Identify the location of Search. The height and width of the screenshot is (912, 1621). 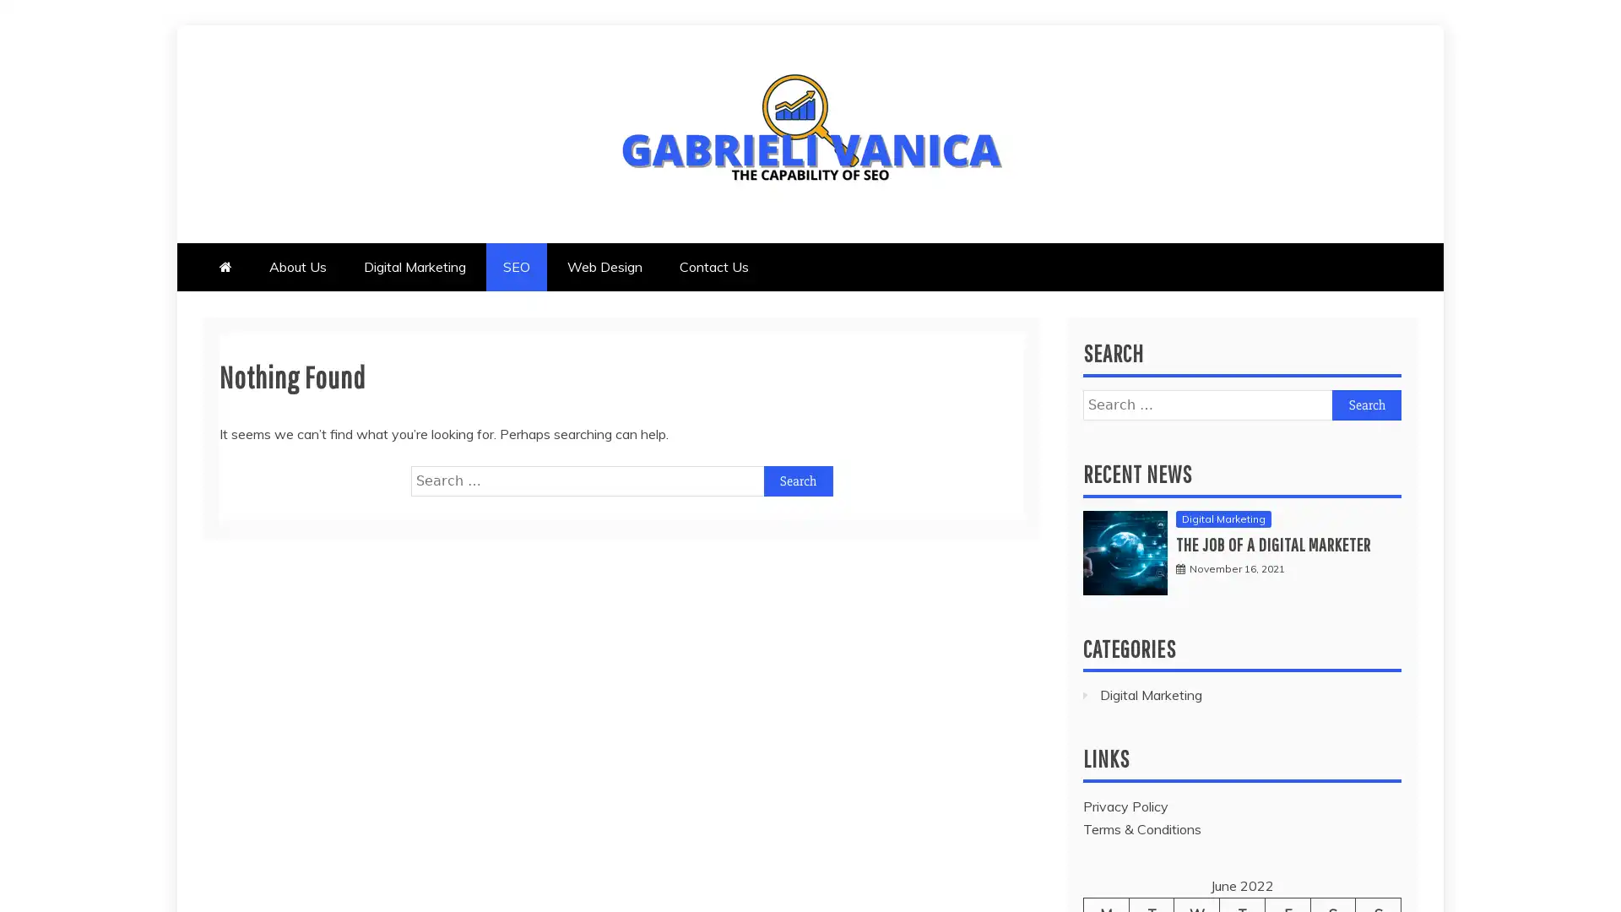
(1366, 404).